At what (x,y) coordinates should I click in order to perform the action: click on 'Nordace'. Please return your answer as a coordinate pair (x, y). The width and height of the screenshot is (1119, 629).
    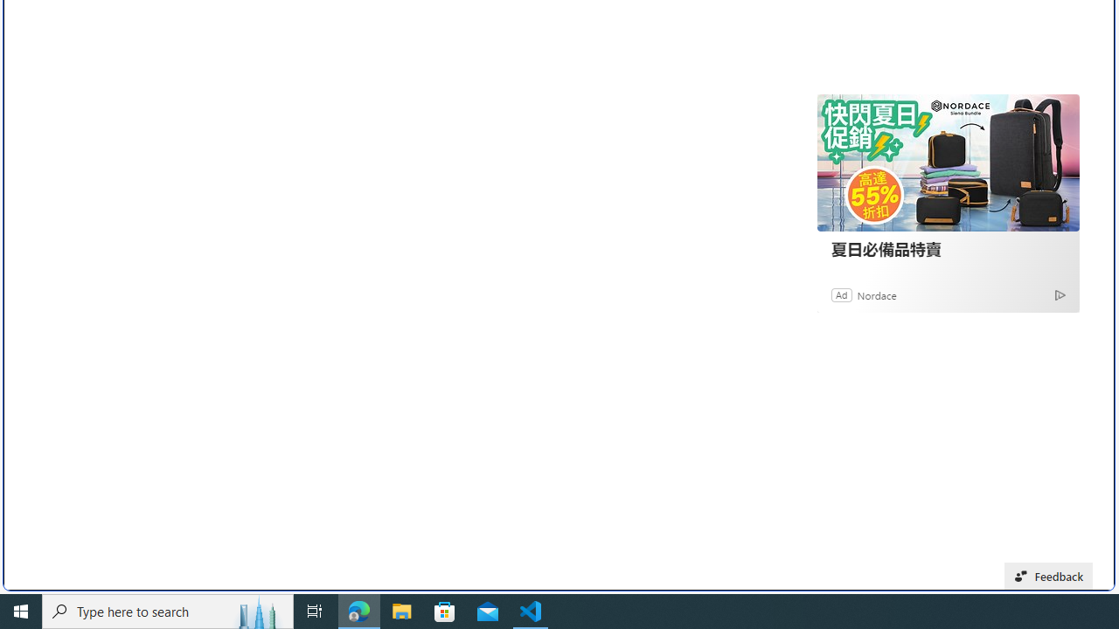
    Looking at the image, I should click on (877, 294).